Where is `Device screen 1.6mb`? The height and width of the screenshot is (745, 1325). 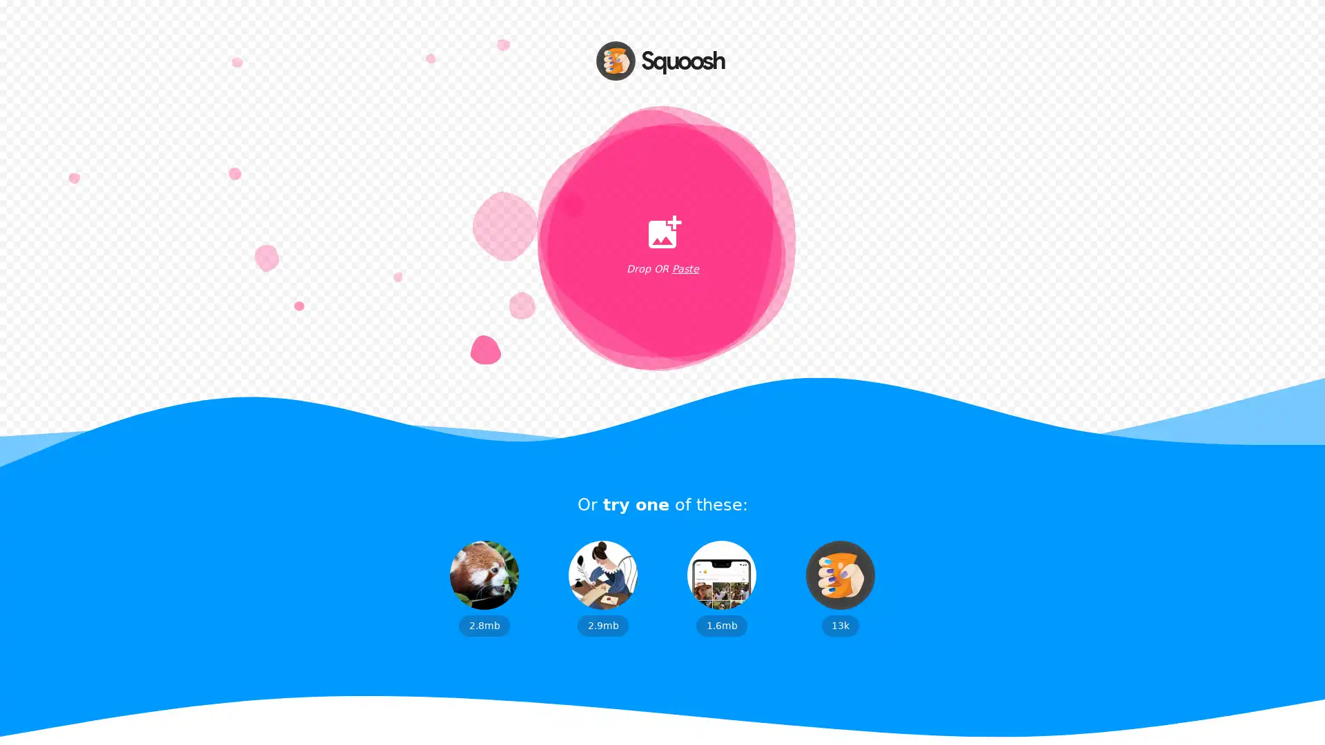 Device screen 1.6mb is located at coordinates (721, 588).